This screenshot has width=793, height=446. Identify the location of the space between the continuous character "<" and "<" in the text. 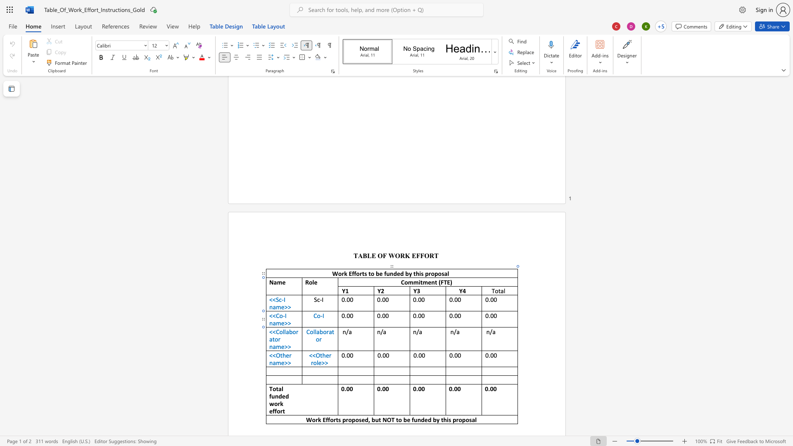
(272, 331).